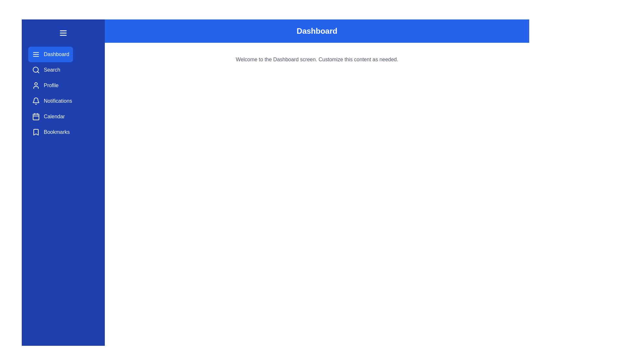 The image size is (623, 350). What do you see at coordinates (63, 33) in the screenshot?
I see `the Hamburger Menu icon located at the top-left section of the interface` at bounding box center [63, 33].